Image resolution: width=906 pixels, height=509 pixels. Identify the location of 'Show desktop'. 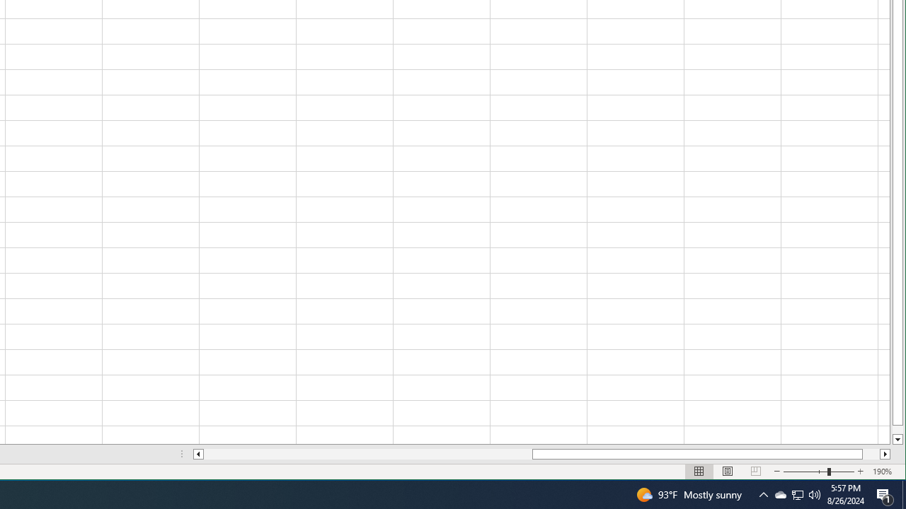
(885, 493).